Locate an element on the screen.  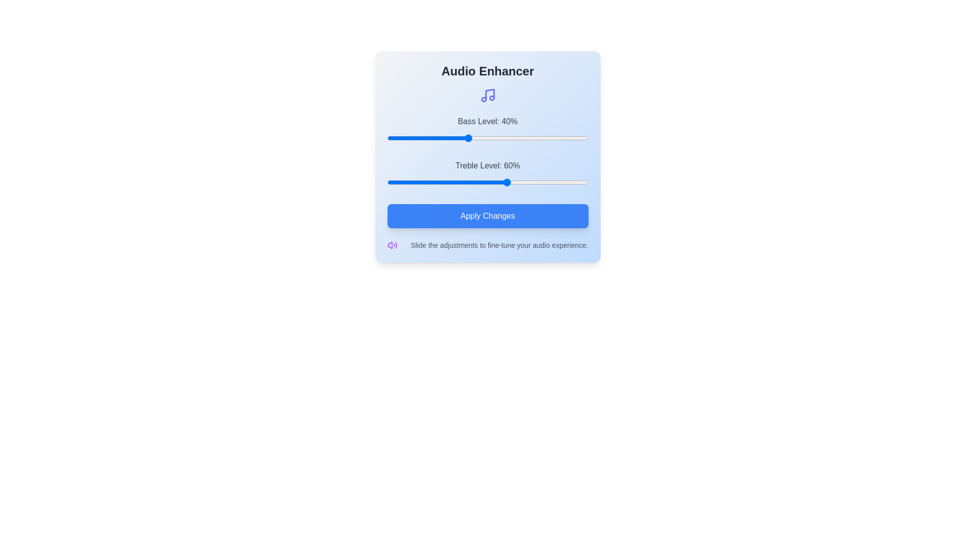
the bass level slider to 56% is located at coordinates (500, 138).